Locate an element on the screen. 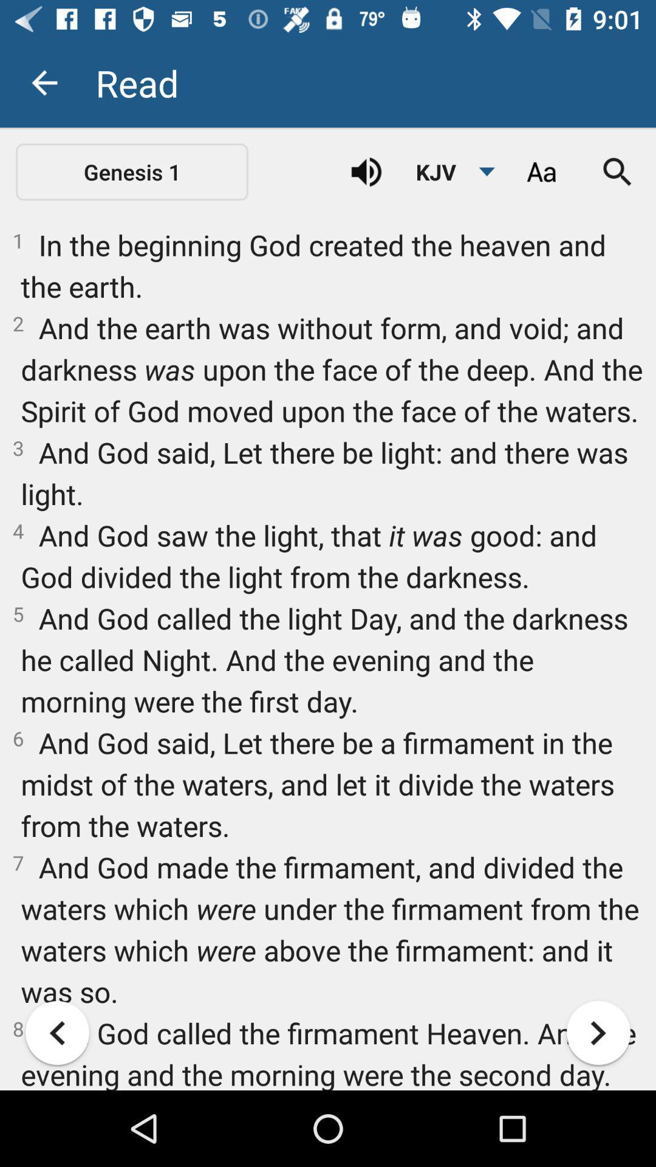  item at the bottom right corner is located at coordinates (598, 1032).